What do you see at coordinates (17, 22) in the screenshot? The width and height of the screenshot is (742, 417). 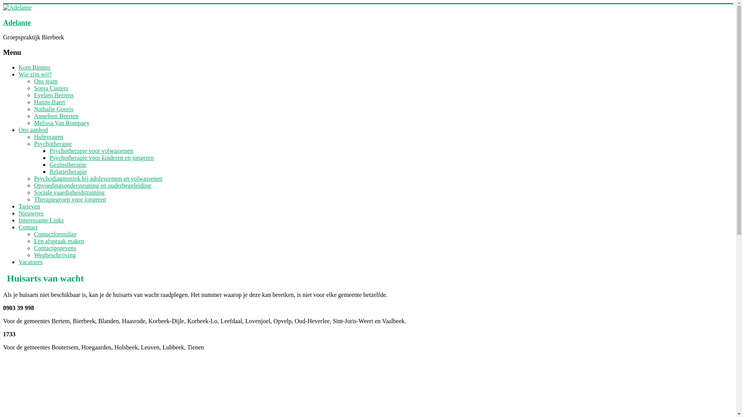 I see `'Adelante'` at bounding box center [17, 22].